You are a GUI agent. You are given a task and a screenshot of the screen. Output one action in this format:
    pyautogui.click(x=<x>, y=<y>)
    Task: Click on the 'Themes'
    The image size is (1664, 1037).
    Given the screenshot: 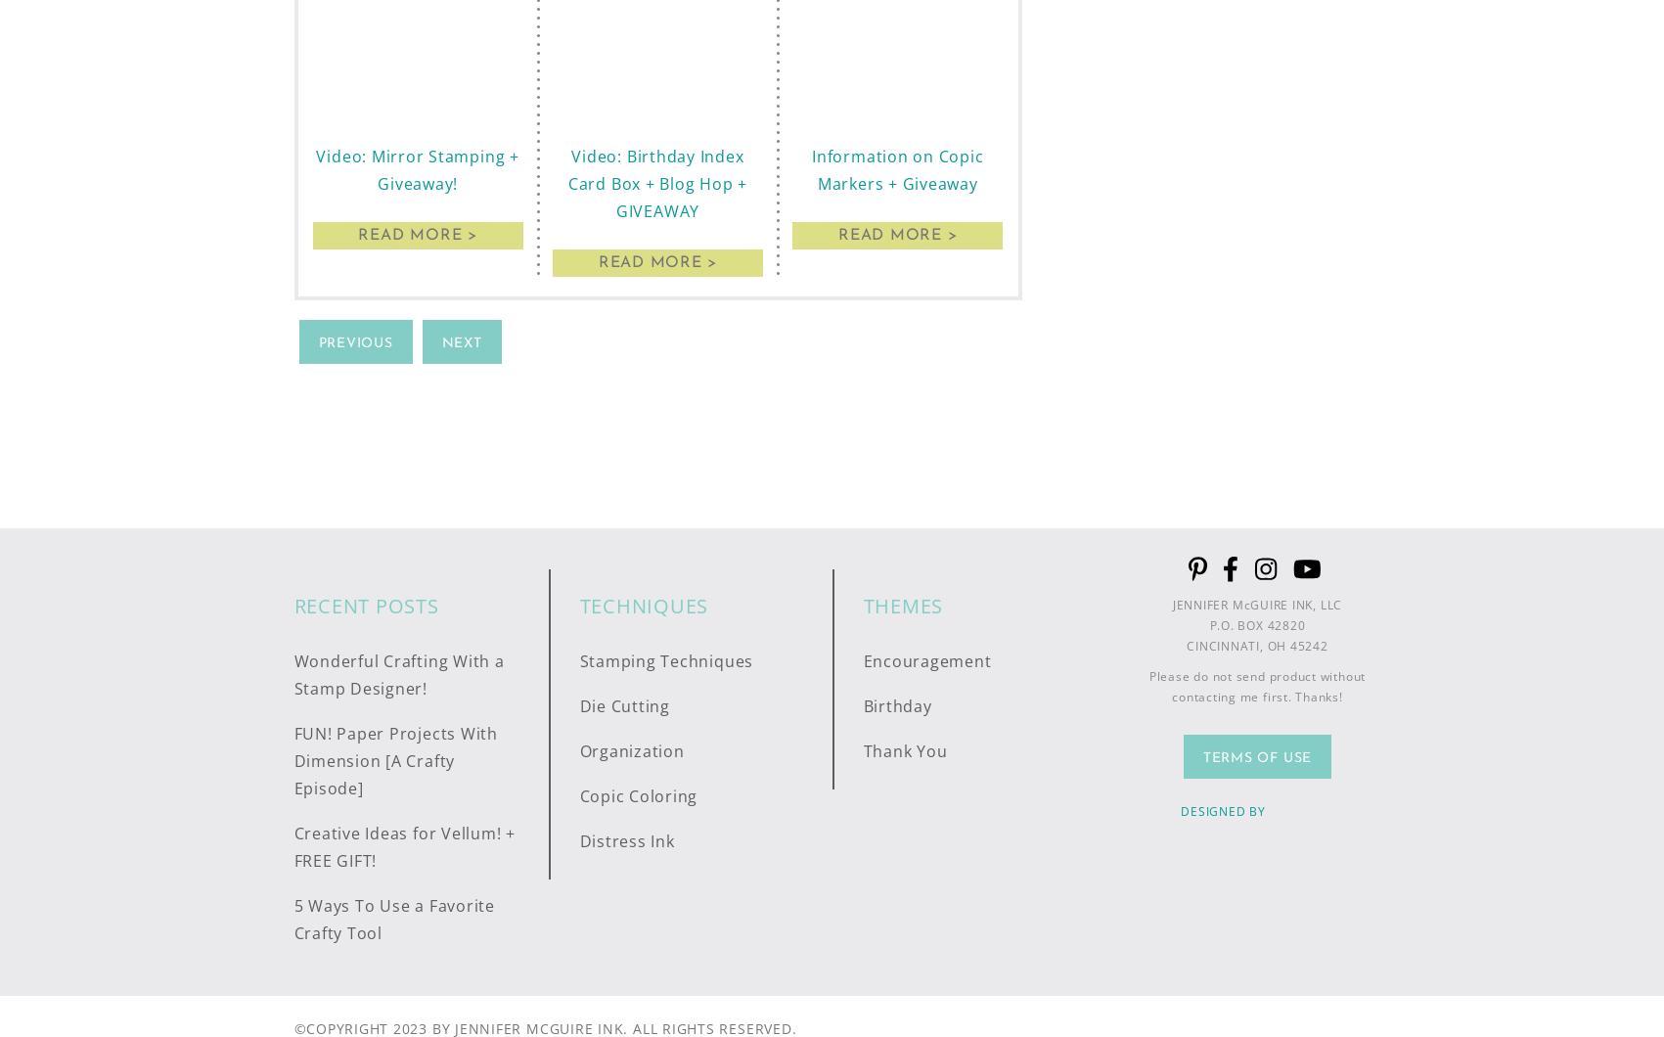 What is the action you would take?
    pyautogui.click(x=901, y=605)
    